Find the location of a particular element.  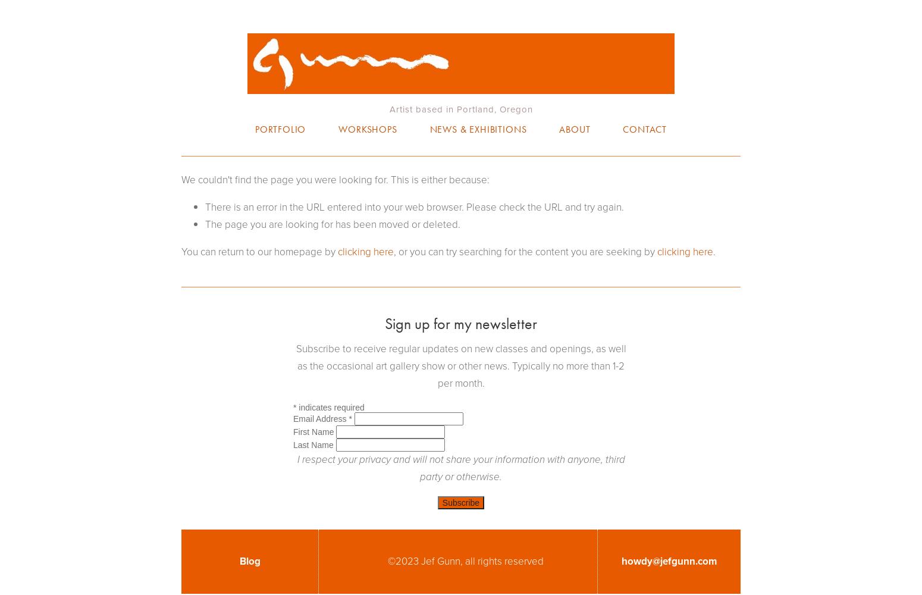

'We couldn't find the page you were looking for. This is either because:' is located at coordinates (335, 180).